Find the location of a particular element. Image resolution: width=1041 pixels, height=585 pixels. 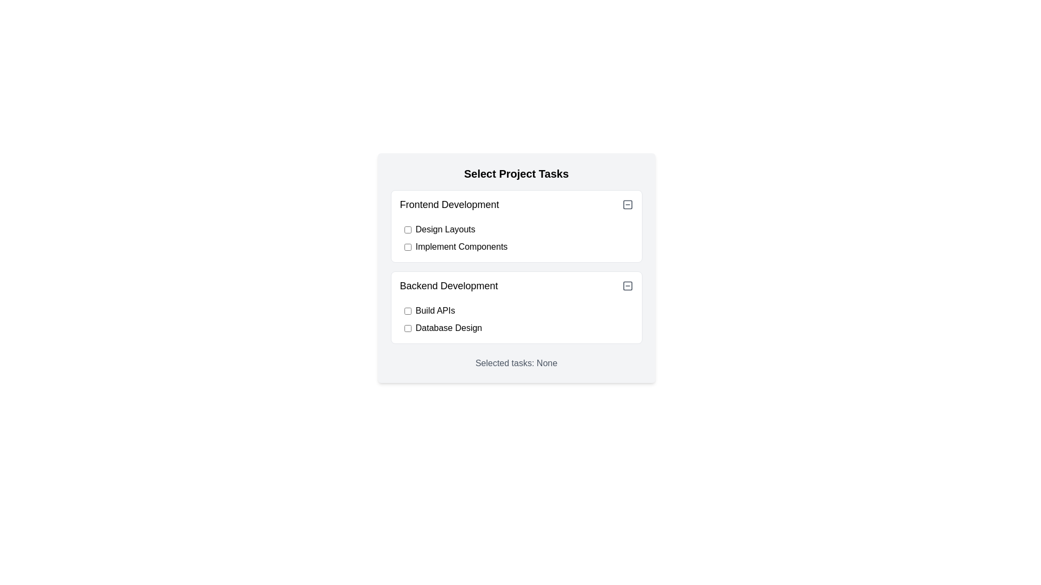

the SVG icon representing a minus or collapse symbol located at the upper-right corner of the 'Frontend Development' section is located at coordinates (627, 205).